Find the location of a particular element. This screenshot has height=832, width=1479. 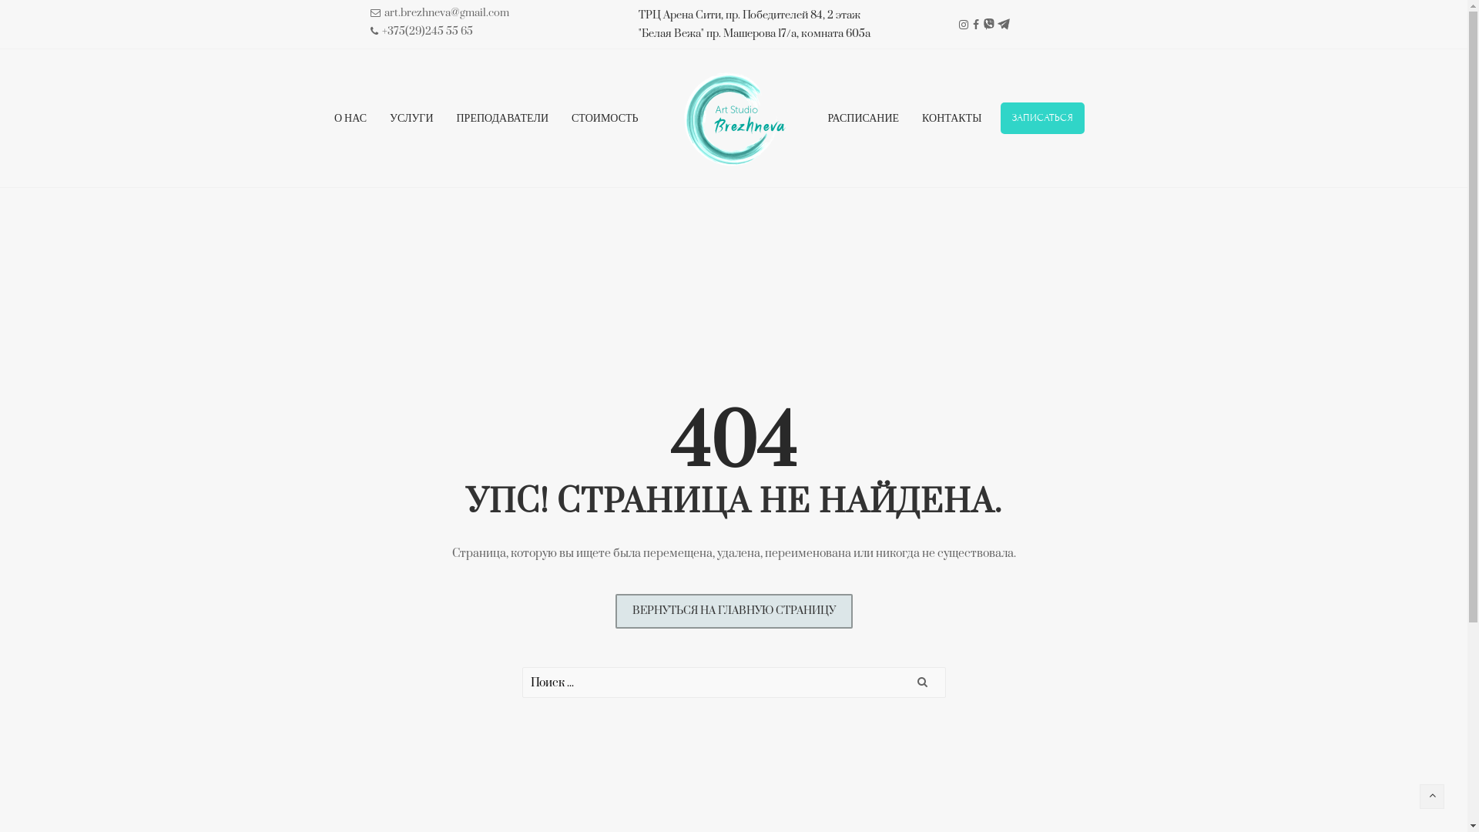

'Instagram' is located at coordinates (963, 23).